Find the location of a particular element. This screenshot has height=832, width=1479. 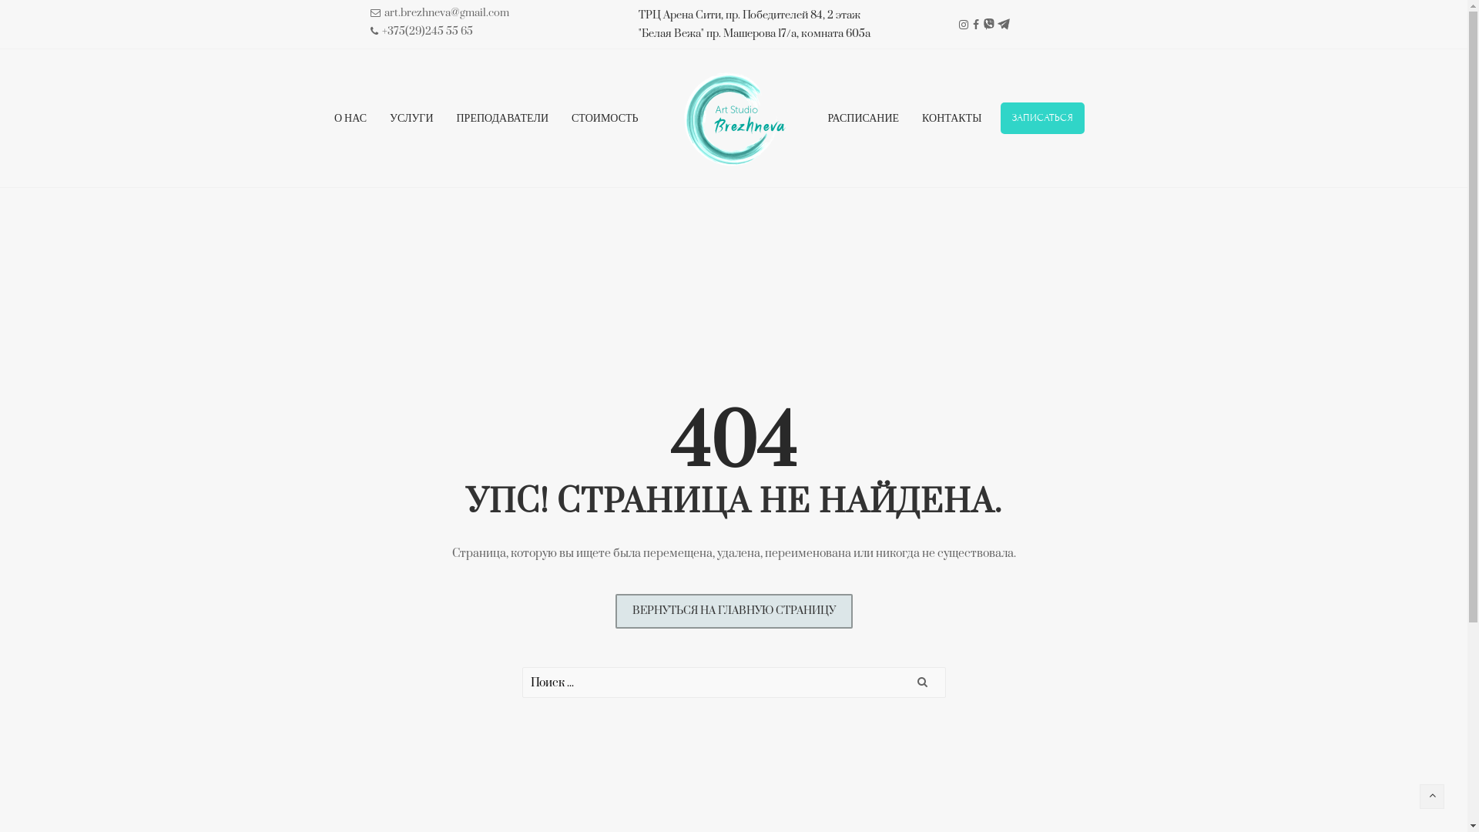

'Instagram' is located at coordinates (963, 23).